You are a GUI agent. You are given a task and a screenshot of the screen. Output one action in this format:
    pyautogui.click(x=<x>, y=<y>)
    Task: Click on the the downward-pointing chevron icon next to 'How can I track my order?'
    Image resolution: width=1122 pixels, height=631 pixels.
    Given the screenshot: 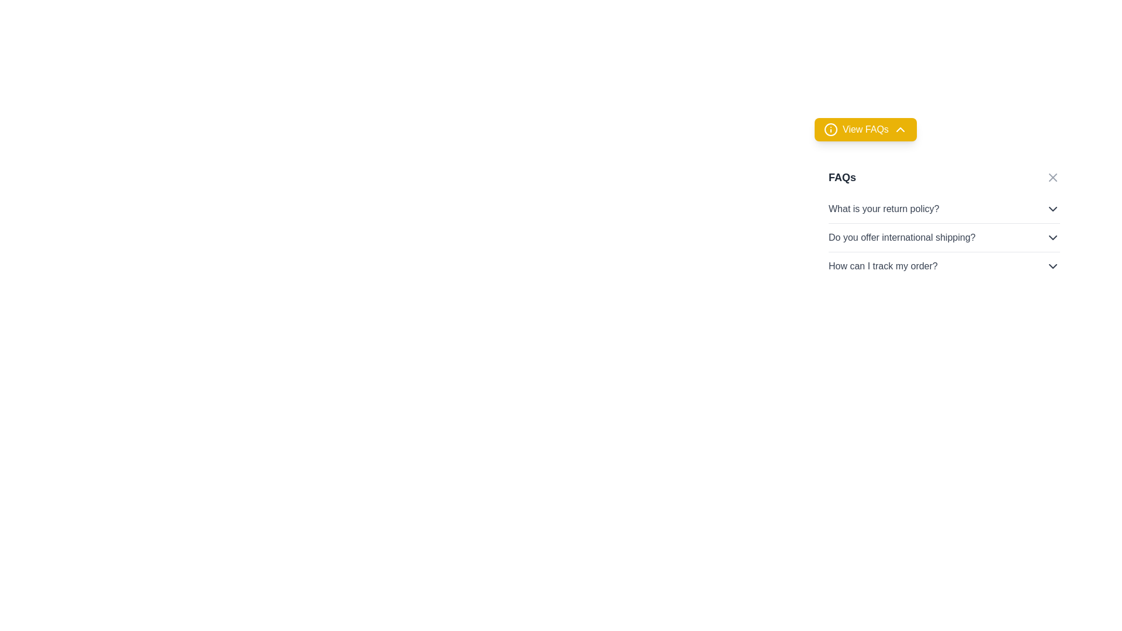 What is the action you would take?
    pyautogui.click(x=1052, y=266)
    